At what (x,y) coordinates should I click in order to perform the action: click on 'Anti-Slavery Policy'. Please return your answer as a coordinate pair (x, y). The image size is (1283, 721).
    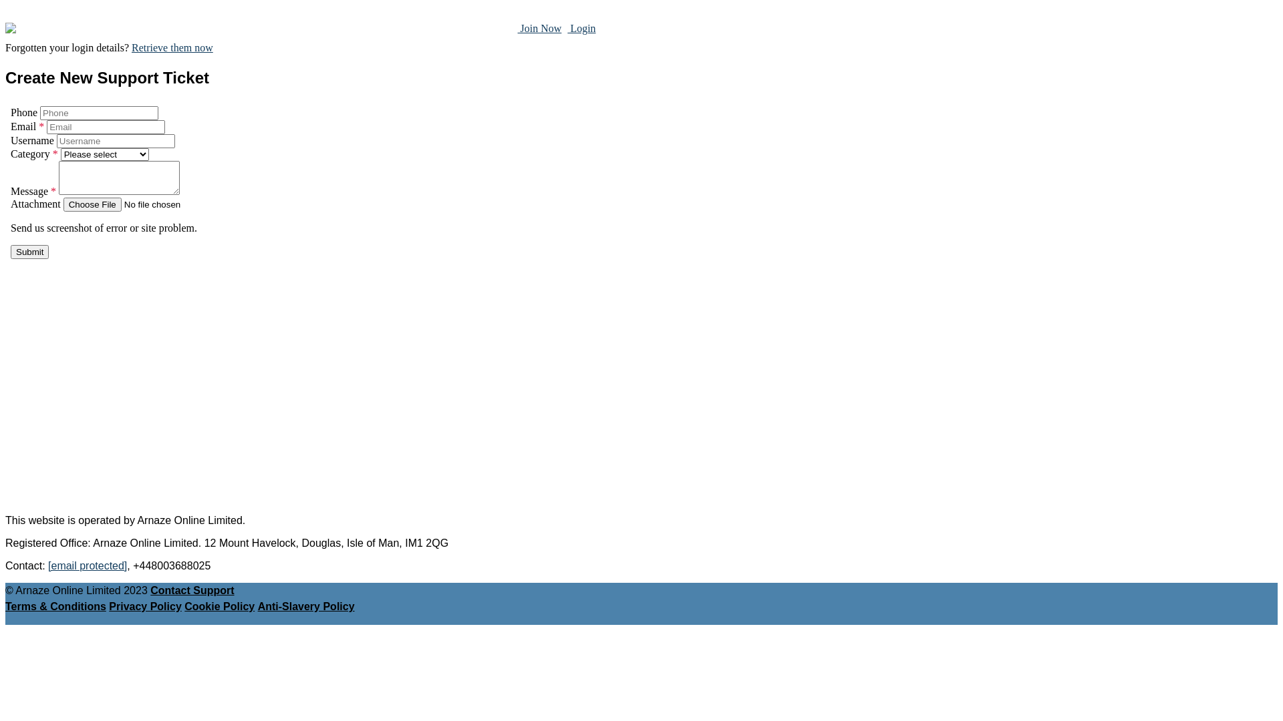
    Looking at the image, I should click on (305, 606).